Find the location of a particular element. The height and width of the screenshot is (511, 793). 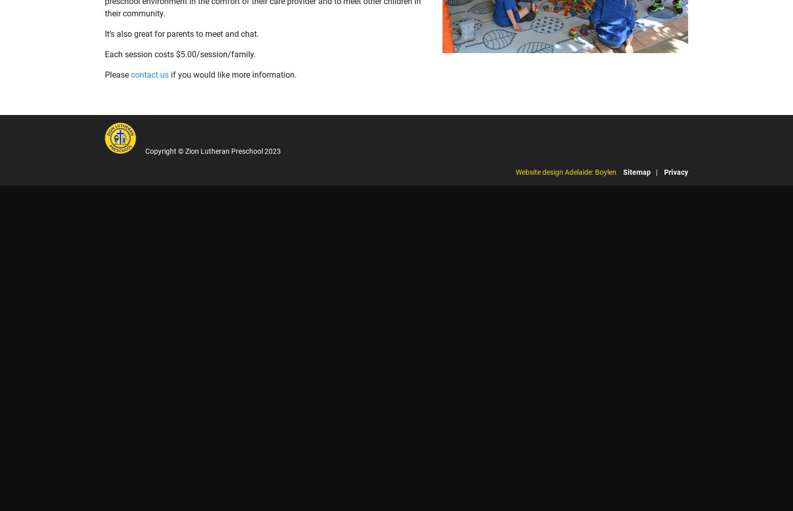

'It’s also great for parents to meet and chat.' is located at coordinates (181, 33).